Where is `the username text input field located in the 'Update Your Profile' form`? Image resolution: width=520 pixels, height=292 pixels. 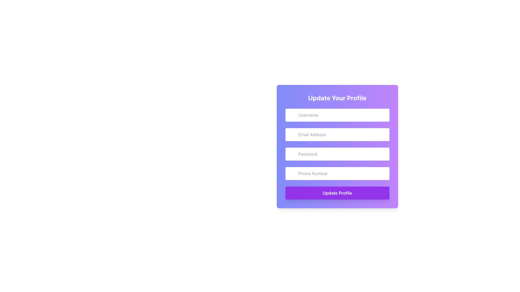
the username text input field located in the 'Update Your Profile' form is located at coordinates (337, 115).